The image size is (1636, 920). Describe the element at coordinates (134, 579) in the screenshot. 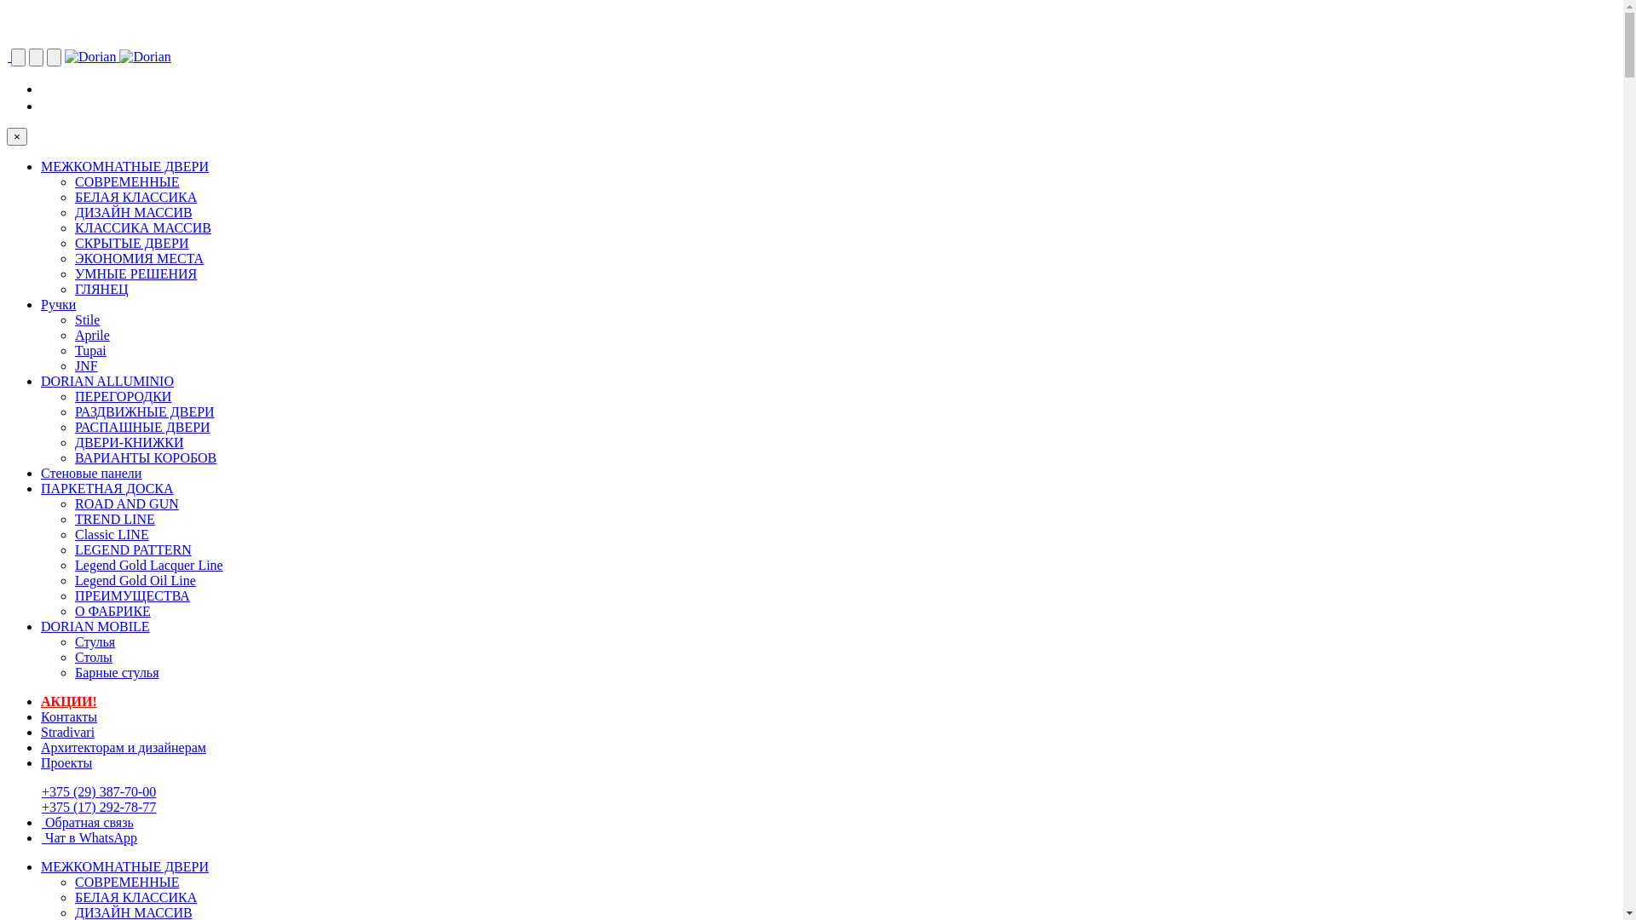

I see `'Legend Gold Oil Line'` at that location.